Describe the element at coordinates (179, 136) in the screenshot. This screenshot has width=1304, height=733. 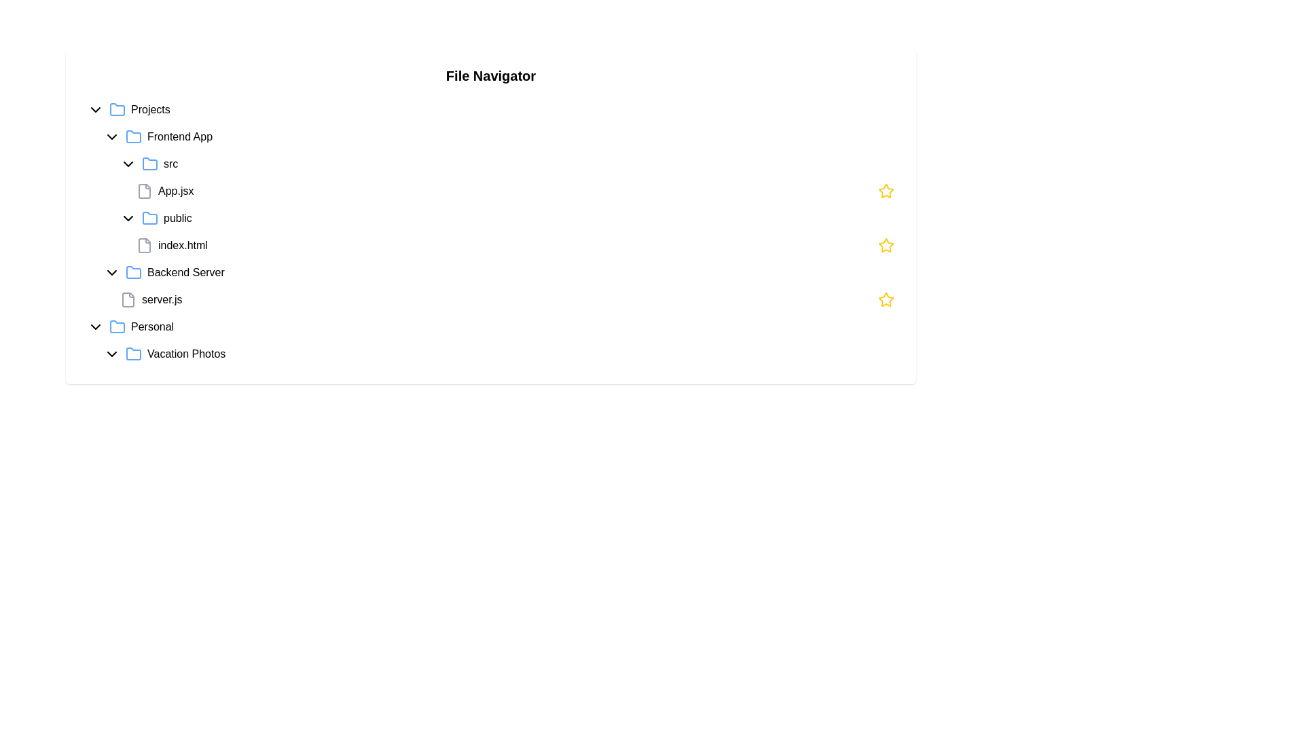
I see `the 'Frontend App' text label` at that location.